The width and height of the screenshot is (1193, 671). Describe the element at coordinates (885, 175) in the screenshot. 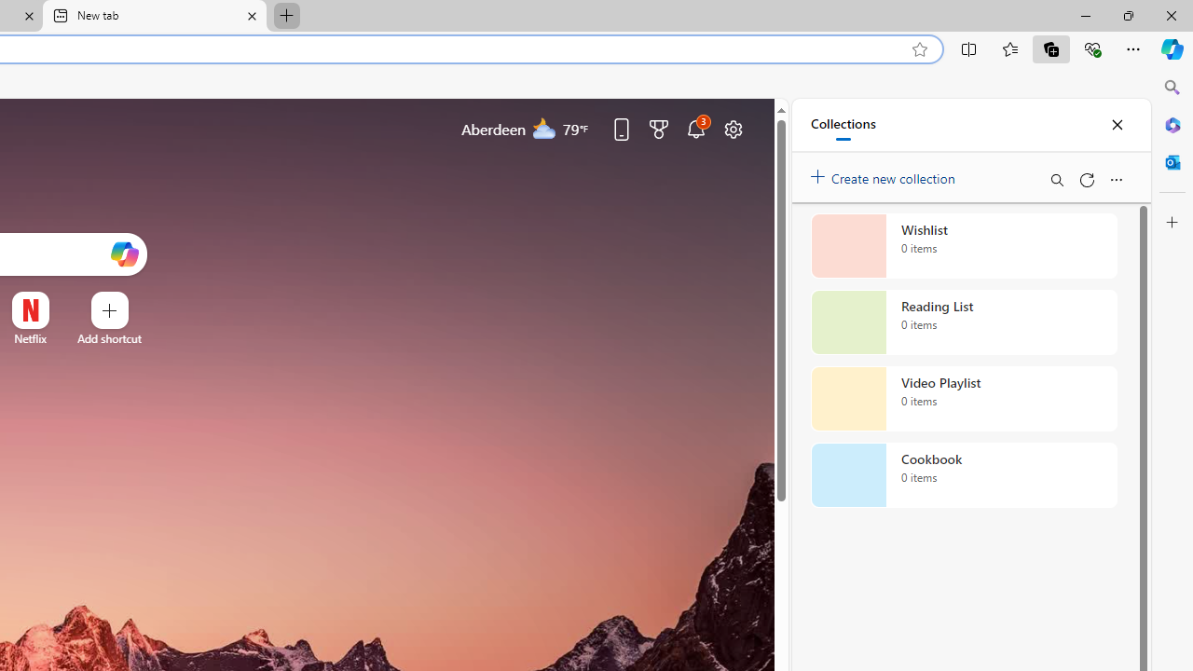

I see `'Create new collection'` at that location.